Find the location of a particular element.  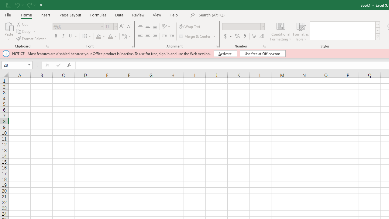

'Decrease Indent' is located at coordinates (164, 36).